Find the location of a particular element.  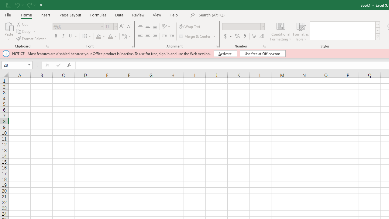

'Decrease Indent' is located at coordinates (164, 36).